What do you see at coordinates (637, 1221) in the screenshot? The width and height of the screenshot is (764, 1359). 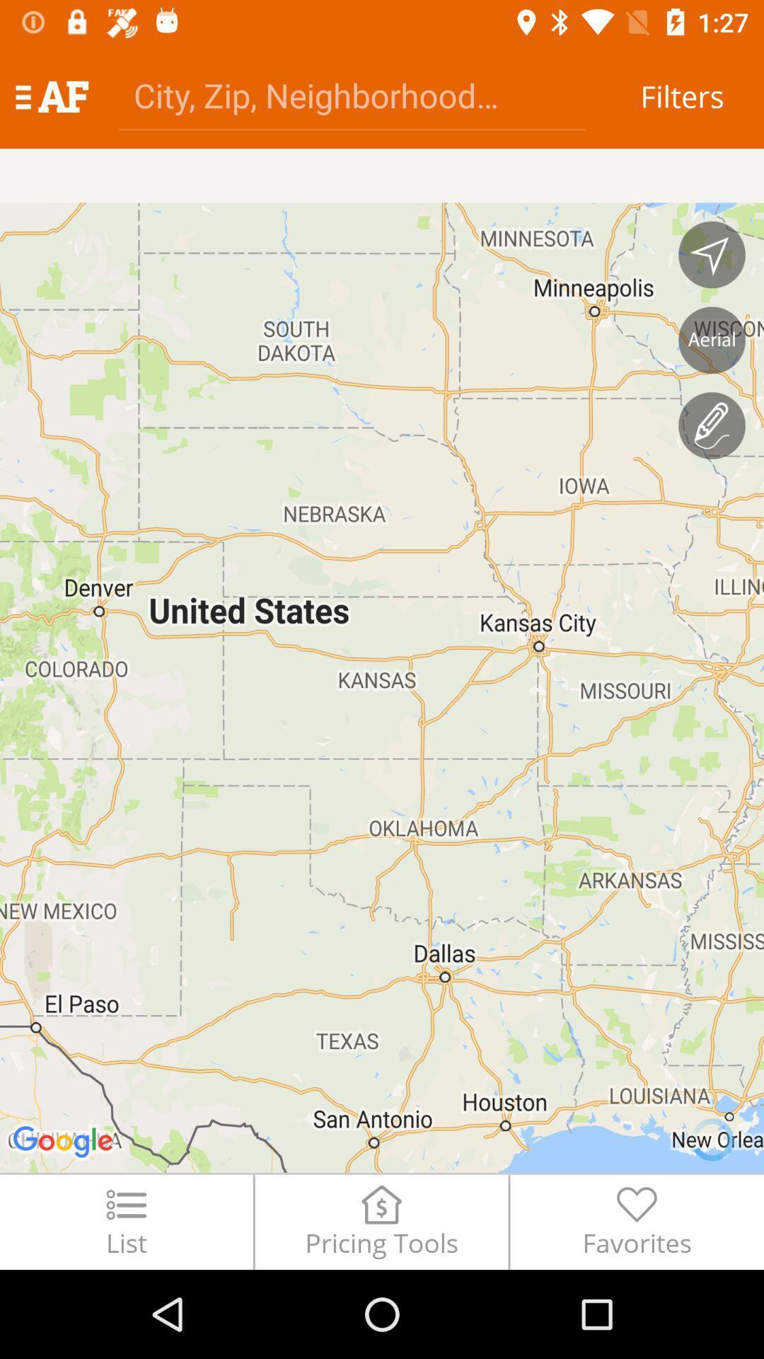 I see `the favorites` at bounding box center [637, 1221].